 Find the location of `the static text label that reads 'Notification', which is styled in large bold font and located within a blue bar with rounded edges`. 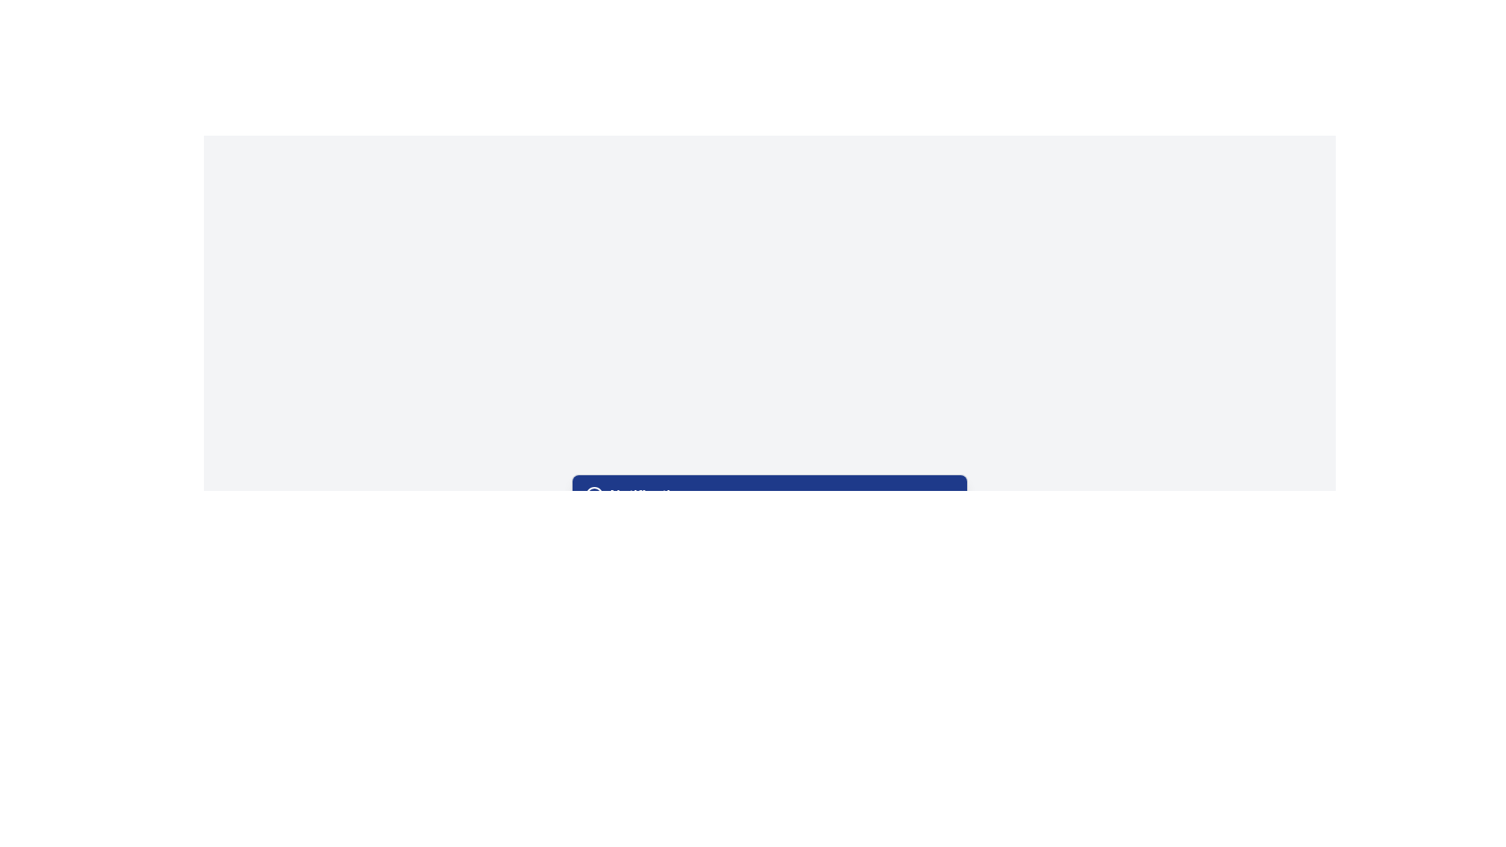

the static text label that reads 'Notification', which is styled in large bold font and located within a blue bar with rounded edges is located at coordinates (649, 495).